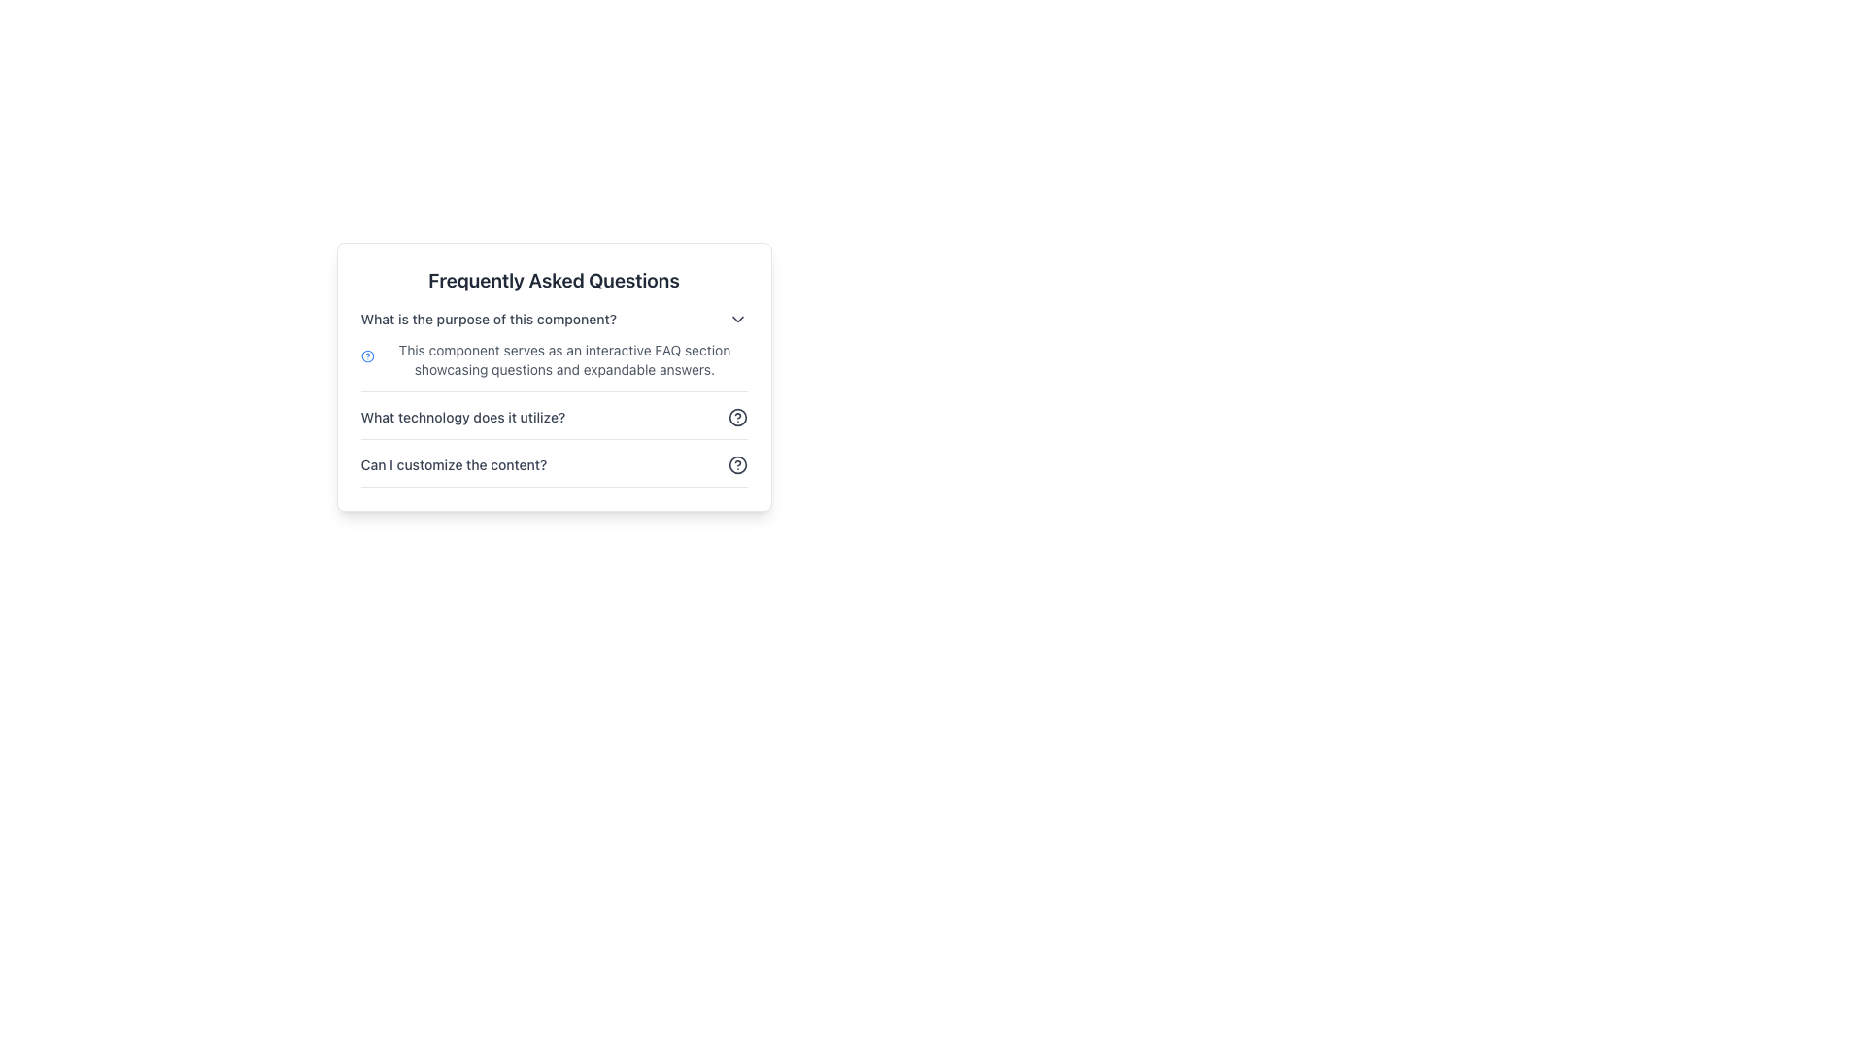 Image resolution: width=1865 pixels, height=1049 pixels. Describe the element at coordinates (553, 359) in the screenshot. I see `information presented in the text block located directly below the question 'What is the purpose of this component?' in the FAQ section` at that location.